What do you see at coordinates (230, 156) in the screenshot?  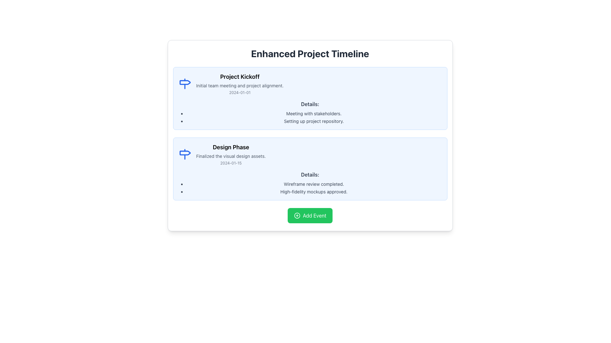 I see `the text element that reads 'Finalized the visual design assets.' styled in gray, located under the heading 'Design Phase' in the timeline section` at bounding box center [230, 156].